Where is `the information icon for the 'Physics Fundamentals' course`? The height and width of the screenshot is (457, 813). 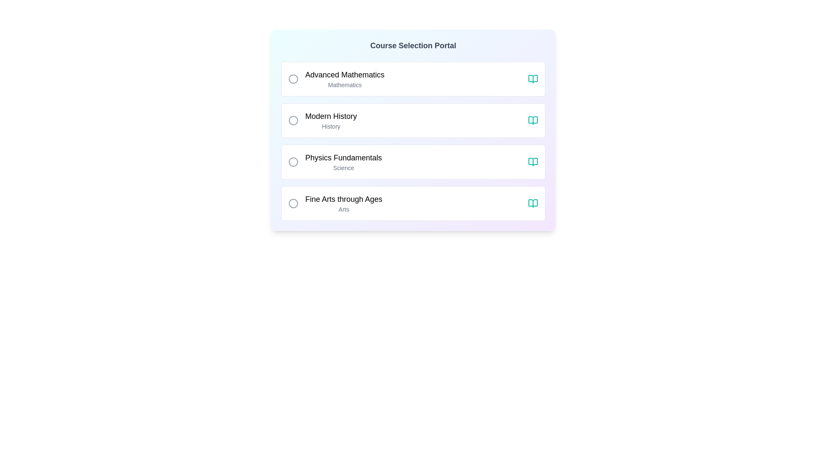
the information icon for the 'Physics Fundamentals' course is located at coordinates (532, 162).